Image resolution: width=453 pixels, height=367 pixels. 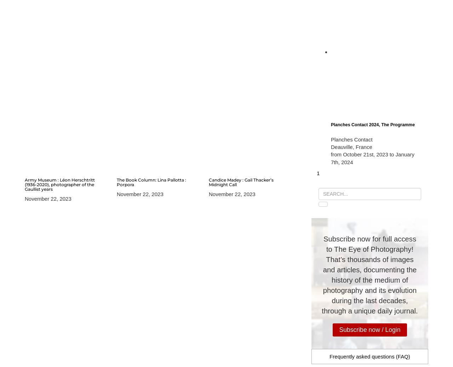 I want to click on 'Twitter', so click(x=341, y=72).